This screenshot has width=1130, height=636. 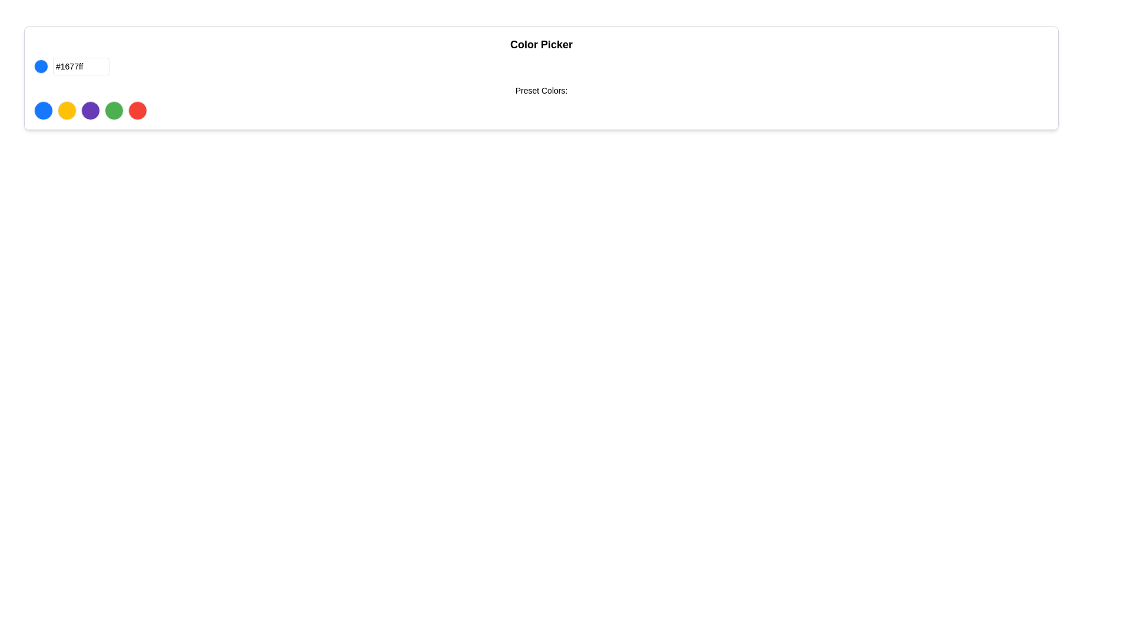 I want to click on the fourth circular green button in the top-center layout to observe its styling changes, so click(x=114, y=111).